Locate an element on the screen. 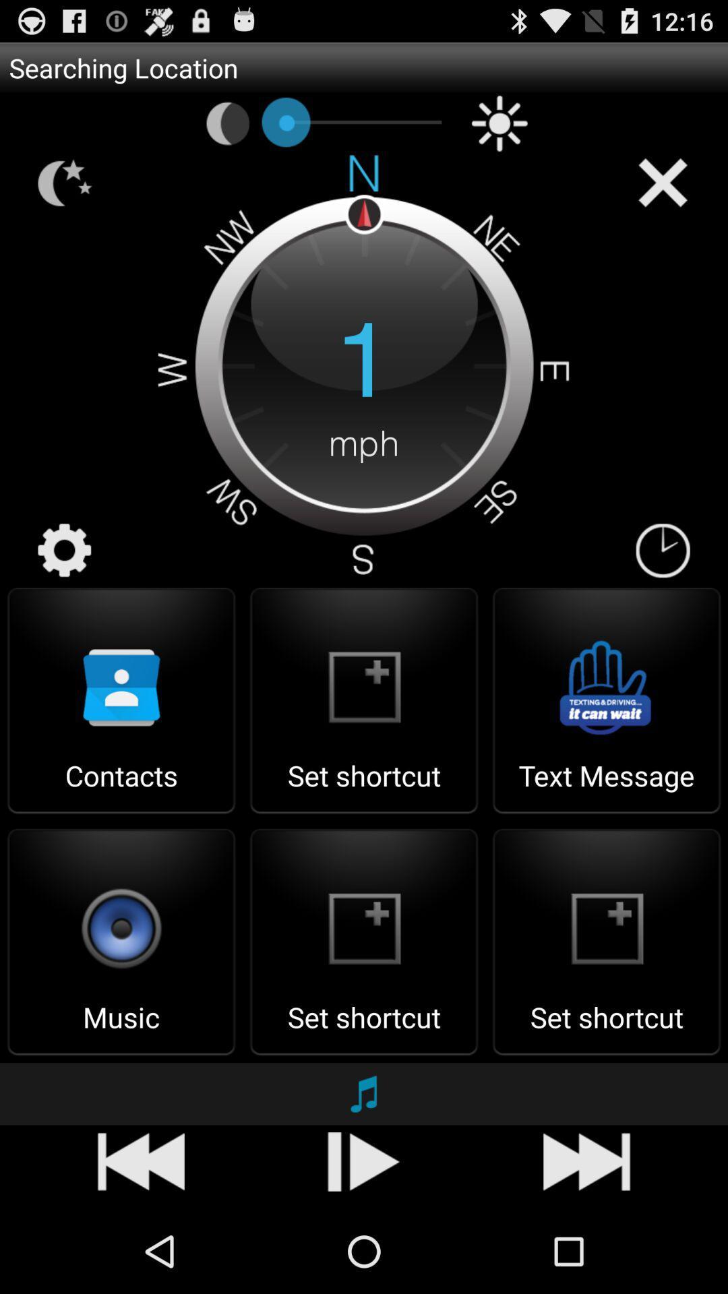 The image size is (728, 1294). icon to the right of the 1 item is located at coordinates (662, 551).